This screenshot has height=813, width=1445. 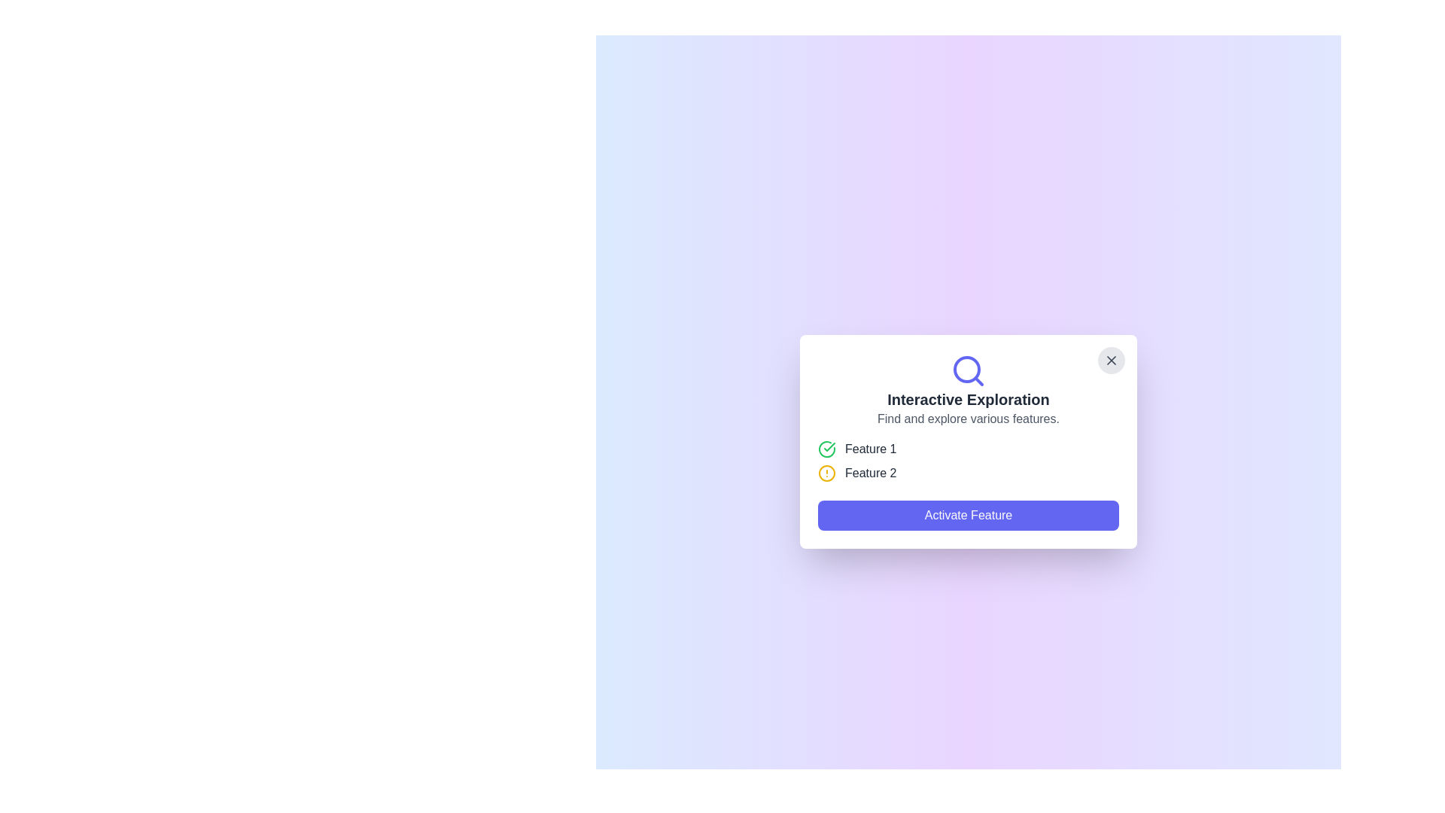 What do you see at coordinates (871, 472) in the screenshot?
I see `the 'Feature 2' text label located under a heading in the pop-up dialog box, positioned to the right of a yellow alert icon` at bounding box center [871, 472].